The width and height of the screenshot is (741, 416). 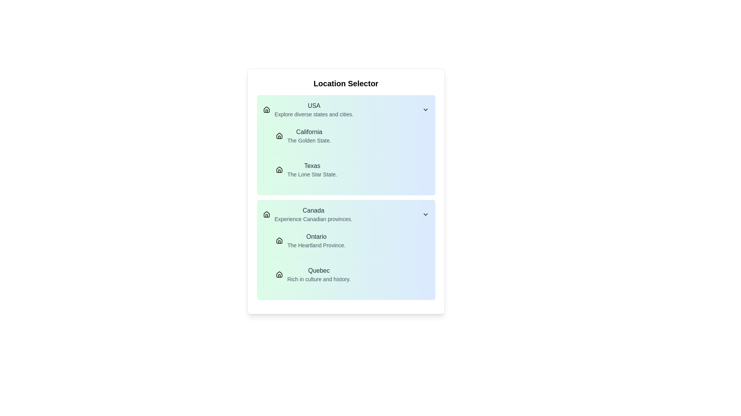 I want to click on the dropdown indicator icon located in the top-right corner of the 'Canada' section of the 'Location Selector' interface to expand or collapse the section, so click(x=425, y=214).